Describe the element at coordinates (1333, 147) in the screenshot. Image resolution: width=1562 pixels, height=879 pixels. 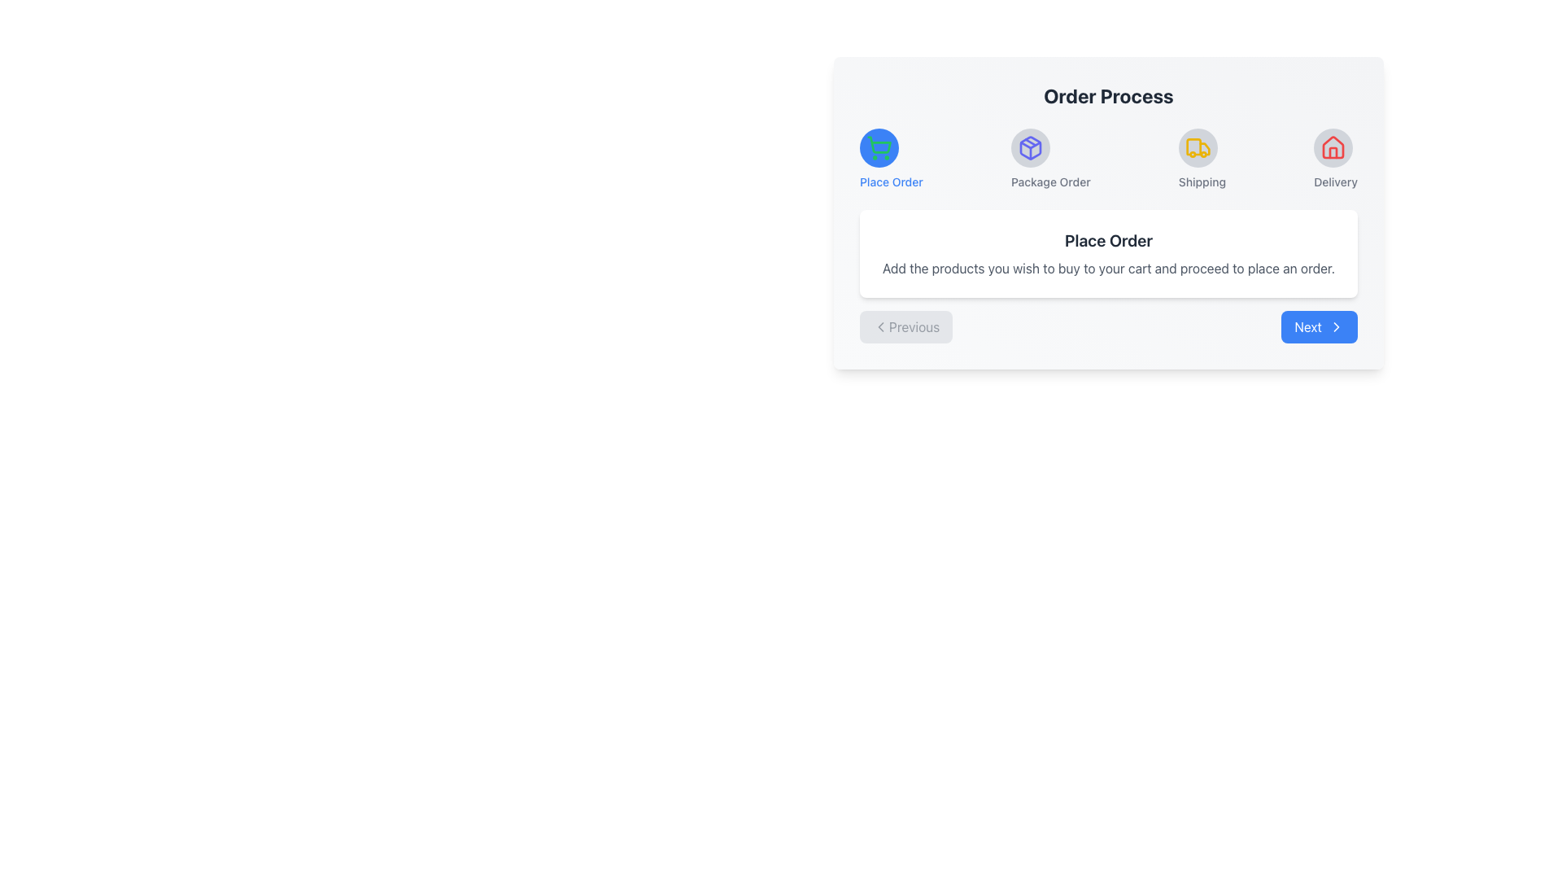
I see `the 'Delivery' icon located at the rightmost position among four icons under the 'Order Process' title` at that location.